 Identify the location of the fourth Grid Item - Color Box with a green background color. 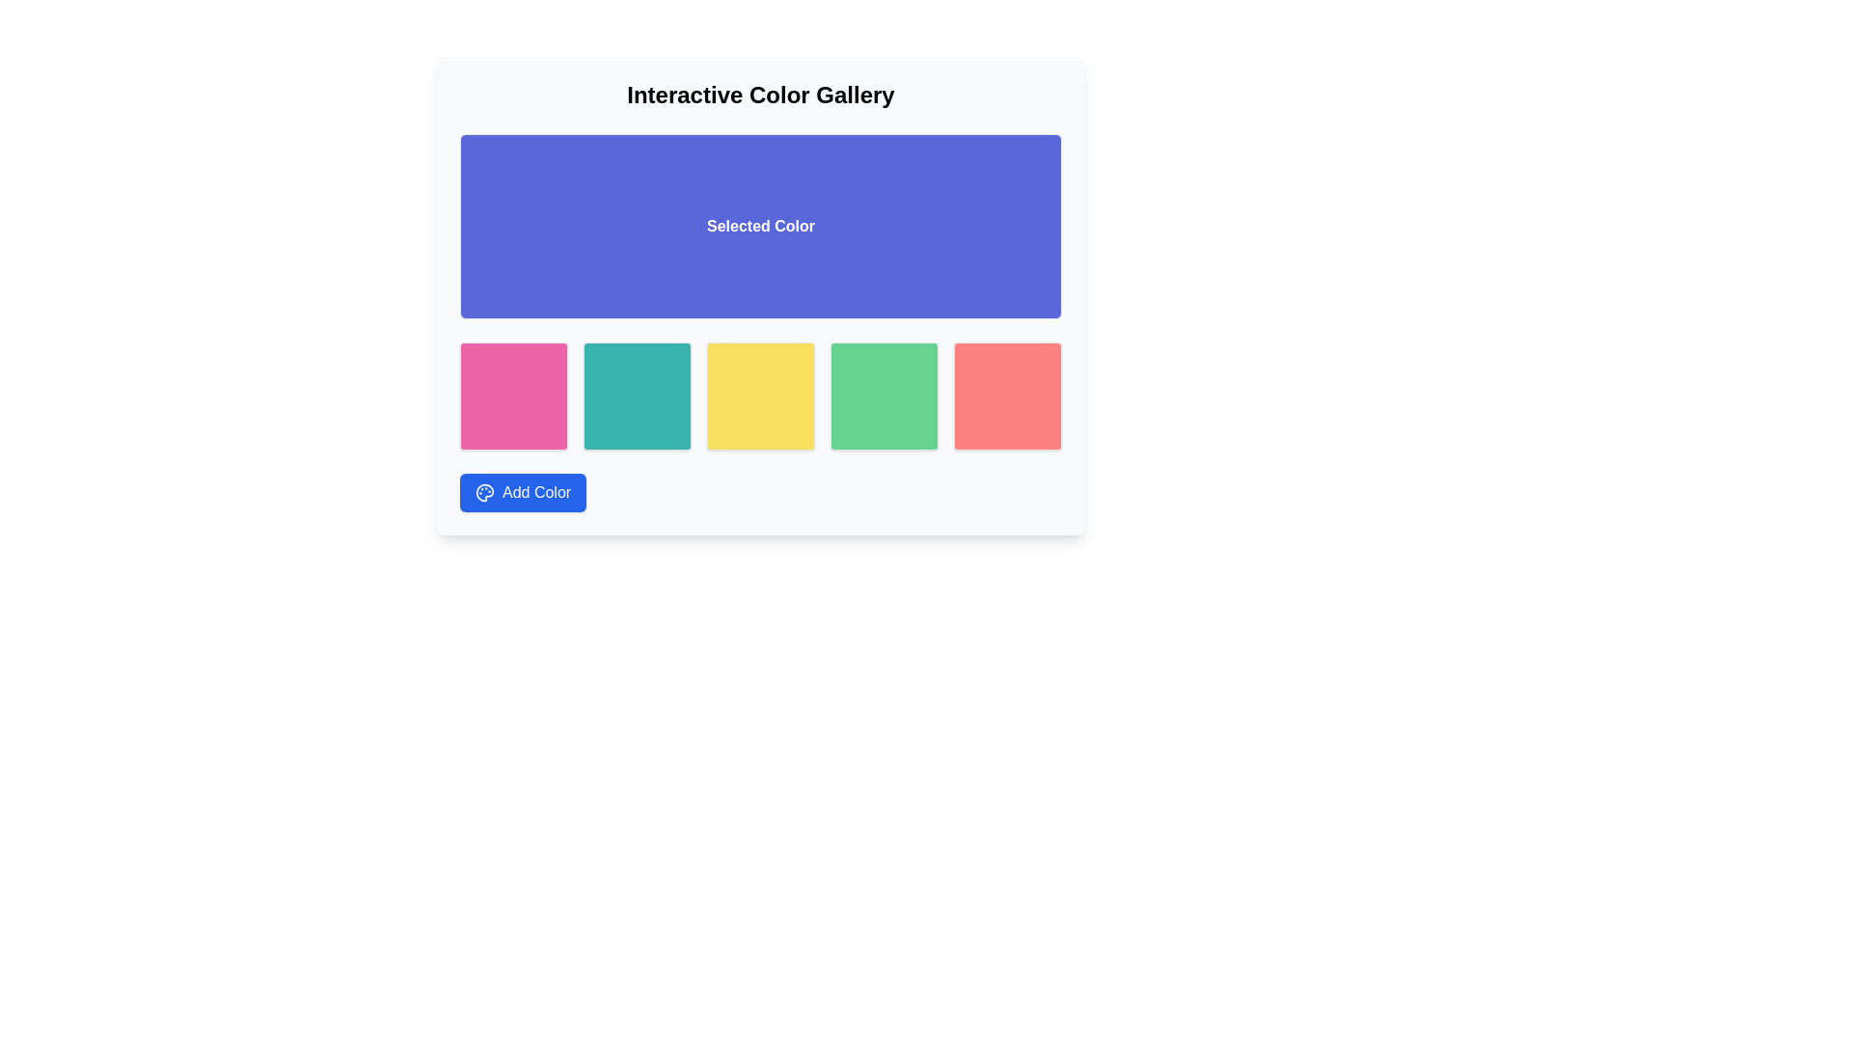
(883, 396).